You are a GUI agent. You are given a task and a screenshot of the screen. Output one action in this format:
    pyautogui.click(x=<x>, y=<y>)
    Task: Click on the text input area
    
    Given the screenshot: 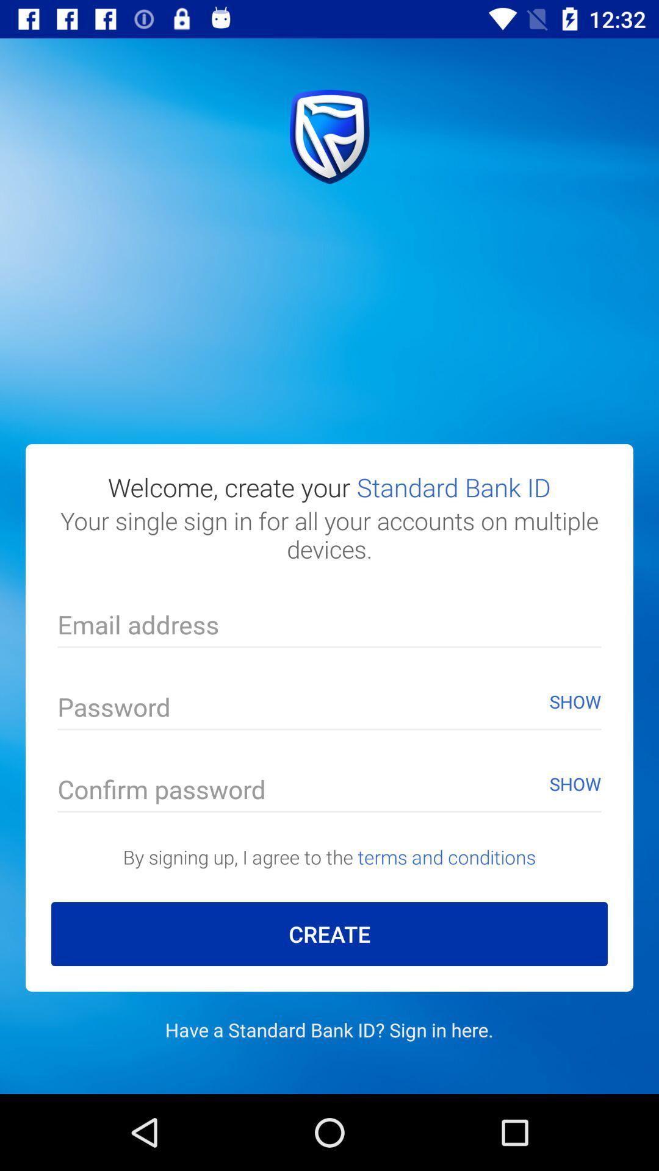 What is the action you would take?
    pyautogui.click(x=329, y=628)
    